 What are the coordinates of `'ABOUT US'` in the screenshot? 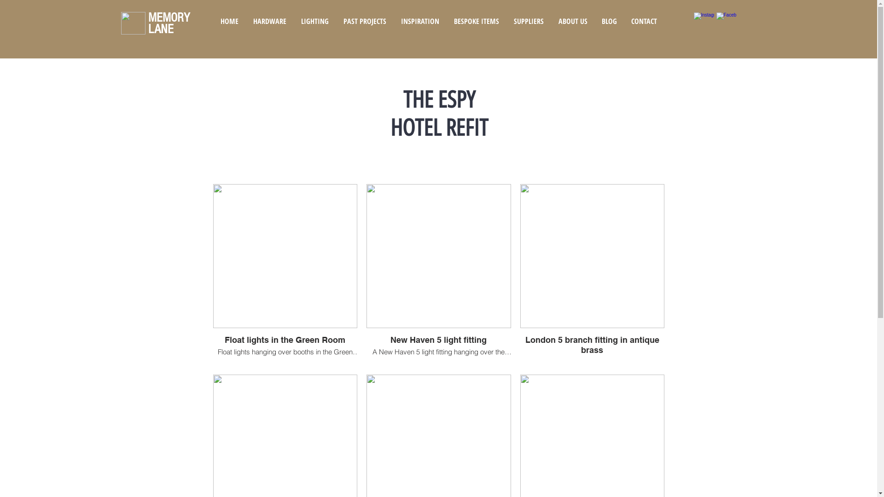 It's located at (572, 21).